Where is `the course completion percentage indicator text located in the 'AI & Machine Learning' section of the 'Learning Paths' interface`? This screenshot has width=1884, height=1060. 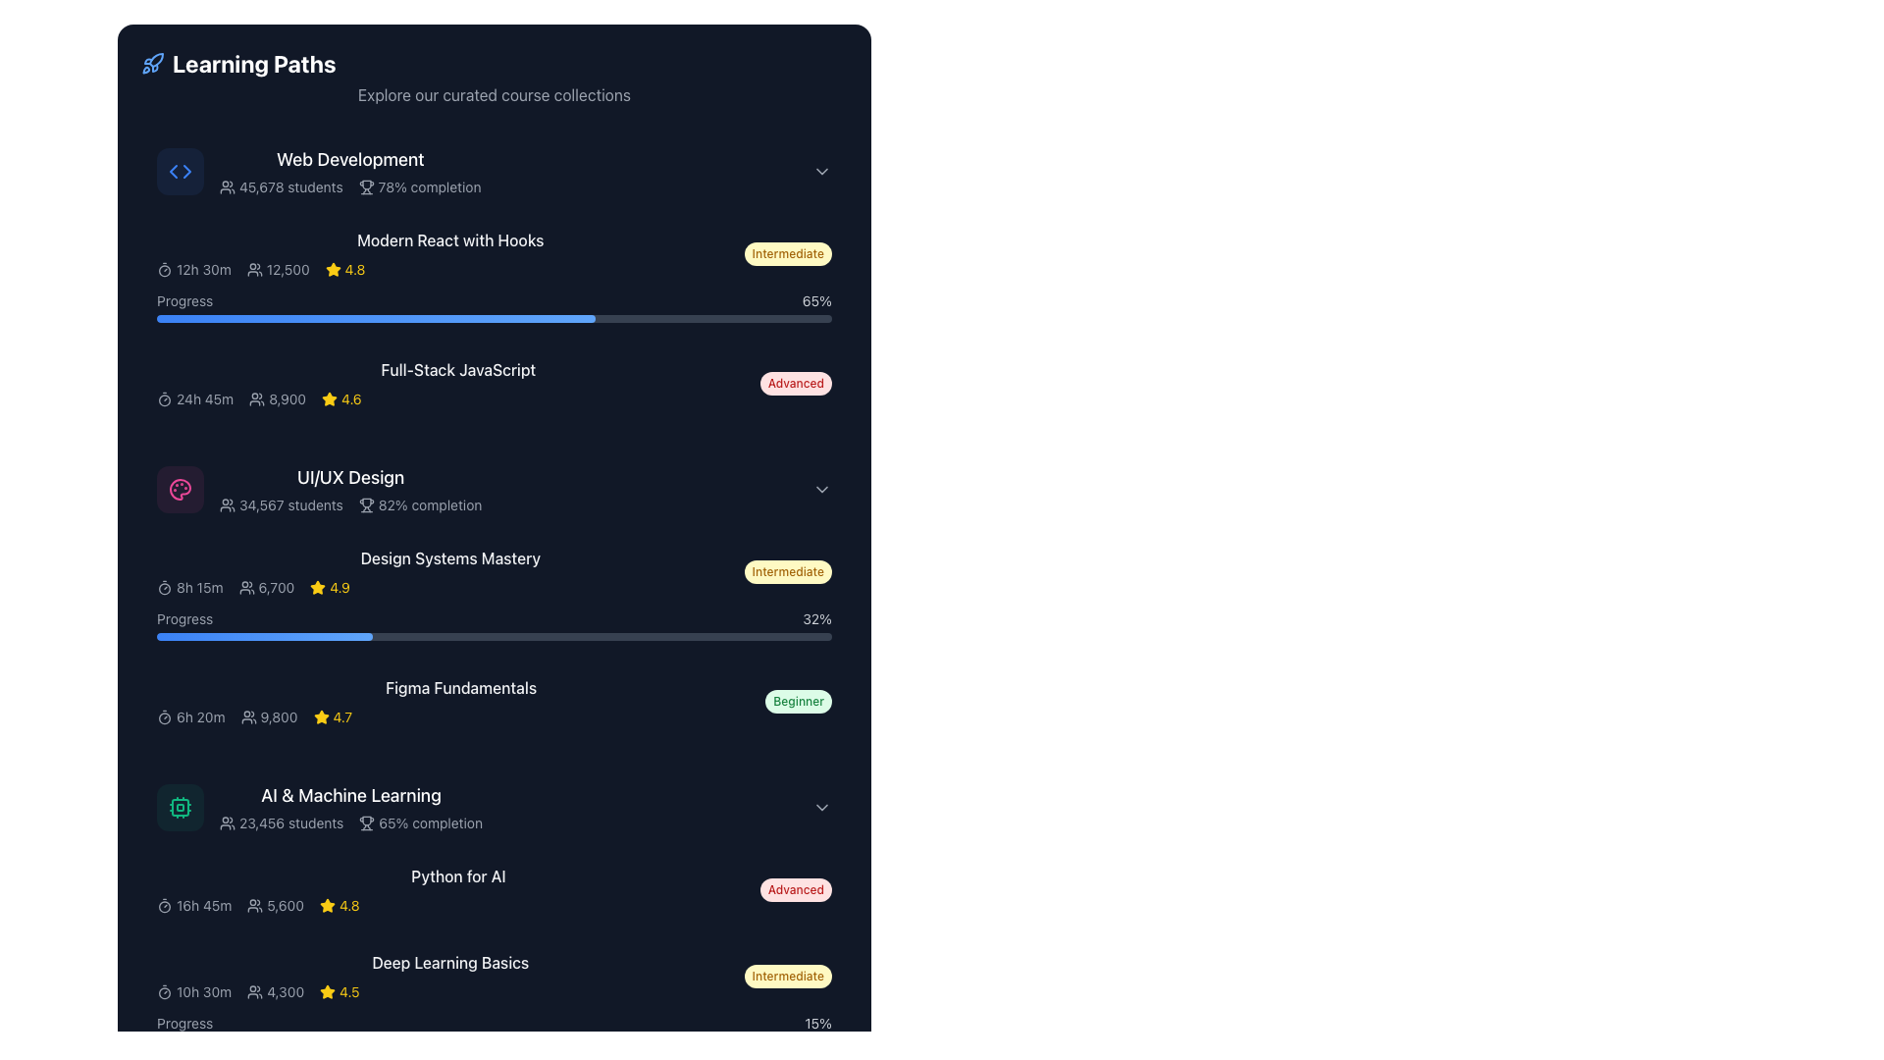
the course completion percentage indicator text located in the 'AI & Machine Learning' section of the 'Learning Paths' interface is located at coordinates (420, 823).